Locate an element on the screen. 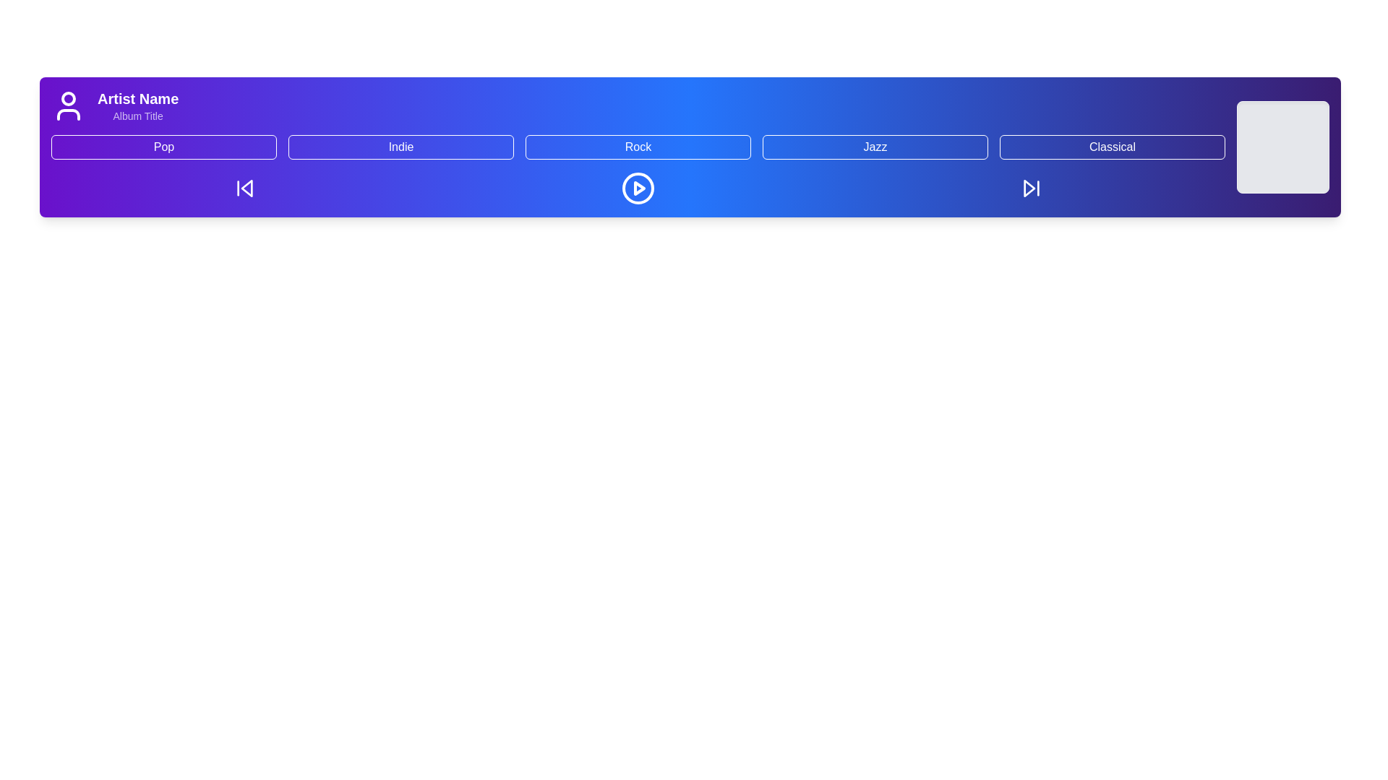  the small filled circular decorative graphic element located within the SVG in the upper left corner of the application layout, near the 'Artist Name' and 'Album Title' is located at coordinates (68, 98).